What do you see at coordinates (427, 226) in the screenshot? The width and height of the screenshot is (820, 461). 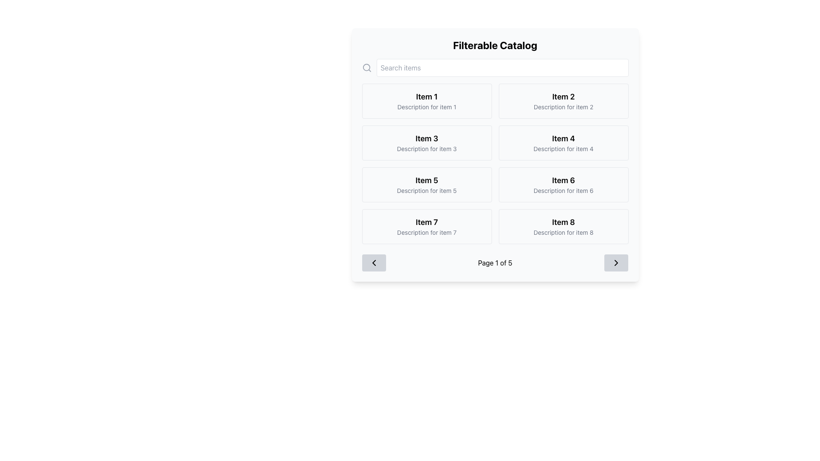 I see `the rectangular tile displaying 'Item 7' and its description` at bounding box center [427, 226].